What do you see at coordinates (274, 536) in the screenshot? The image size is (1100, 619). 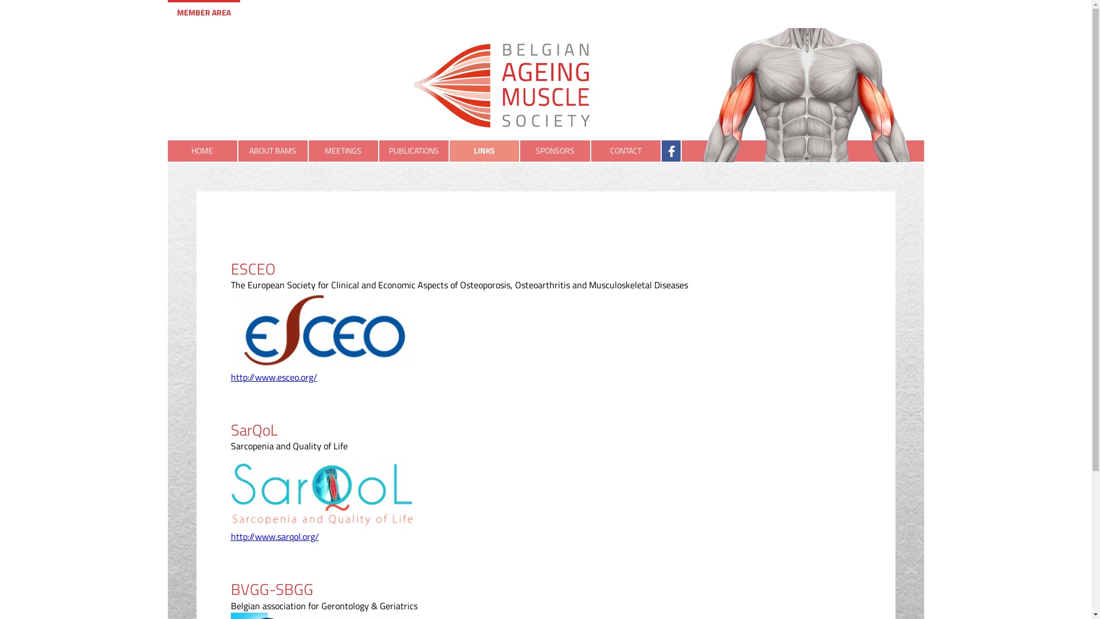 I see `'http://www.sarqol.org/'` at bounding box center [274, 536].